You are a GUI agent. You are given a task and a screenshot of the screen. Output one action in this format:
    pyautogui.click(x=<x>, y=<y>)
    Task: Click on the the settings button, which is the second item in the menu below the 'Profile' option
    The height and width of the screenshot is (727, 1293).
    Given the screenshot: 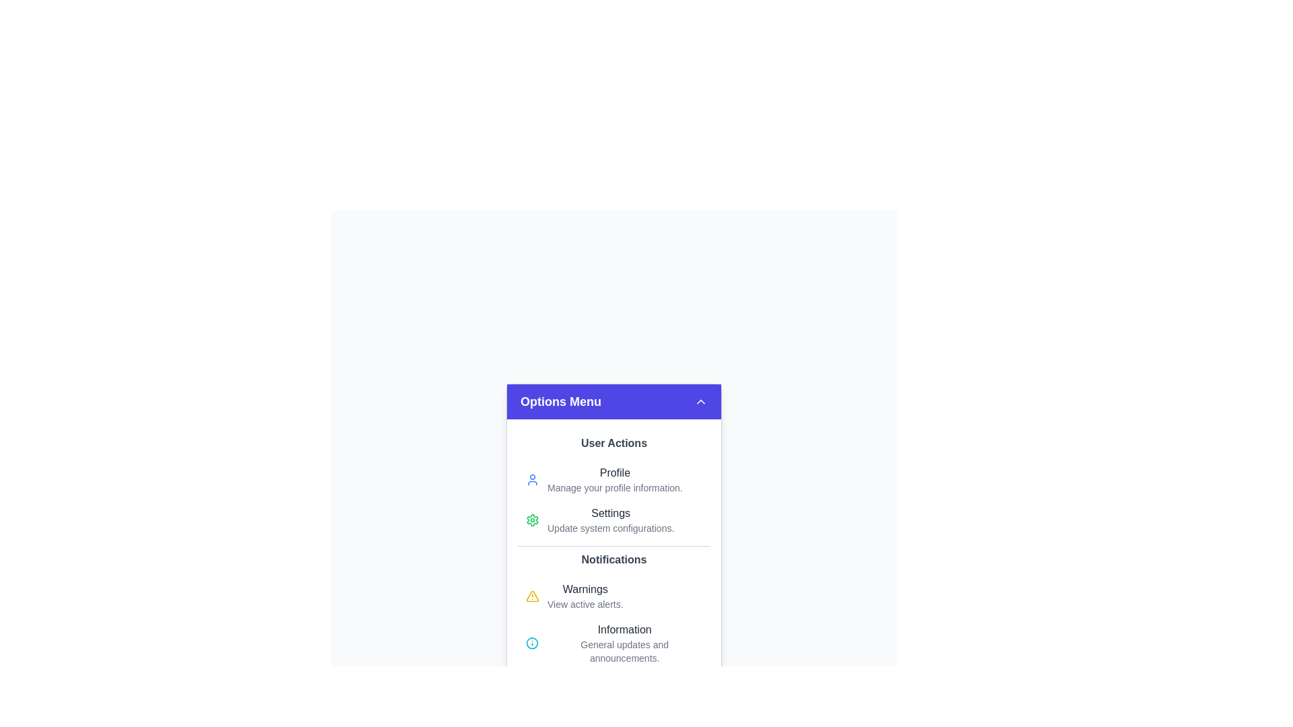 What is the action you would take?
    pyautogui.click(x=614, y=519)
    